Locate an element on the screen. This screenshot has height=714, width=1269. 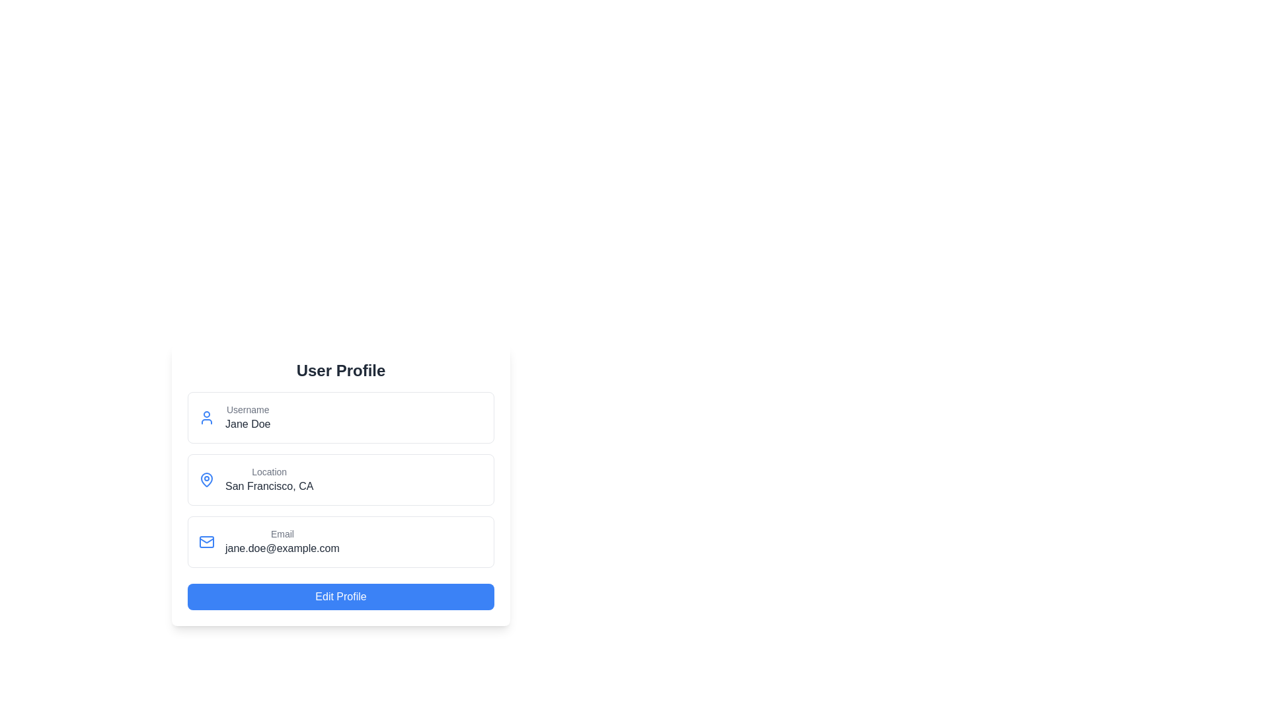
the geographical location marker icon associated with the text 'Location: San Francisco, CA', located in the second row of the user profile form is located at coordinates (206, 479).